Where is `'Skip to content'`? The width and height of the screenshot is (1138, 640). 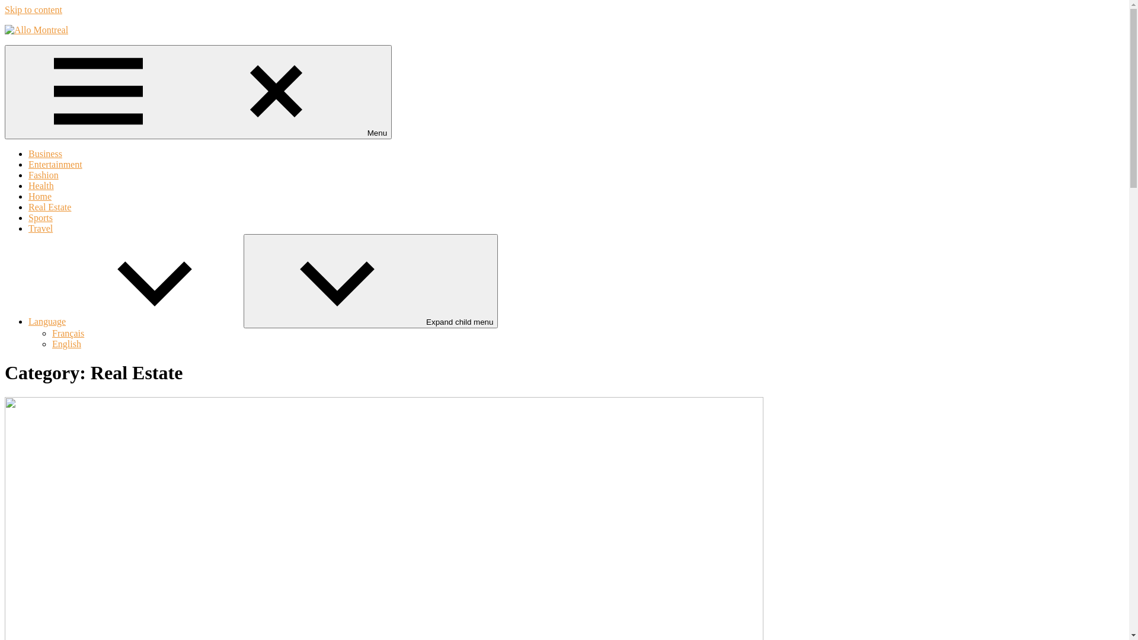
'Skip to content' is located at coordinates (33, 9).